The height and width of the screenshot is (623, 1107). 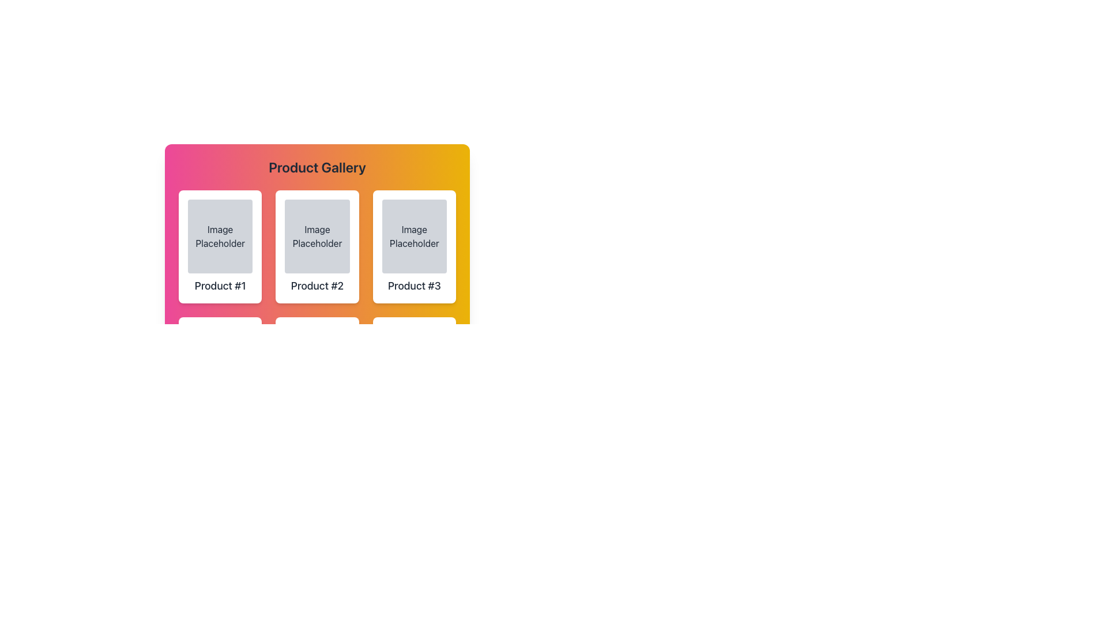 I want to click on the visual placeholder for the image within the second card of the card layout, so click(x=317, y=235).